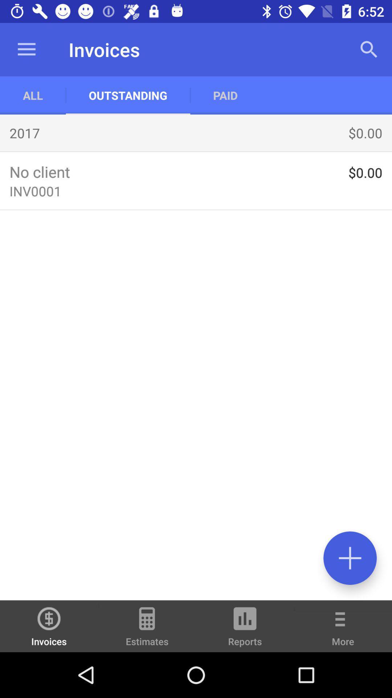 The height and width of the screenshot is (698, 392). Describe the element at coordinates (196, 151) in the screenshot. I see `icon below the 2017 item` at that location.